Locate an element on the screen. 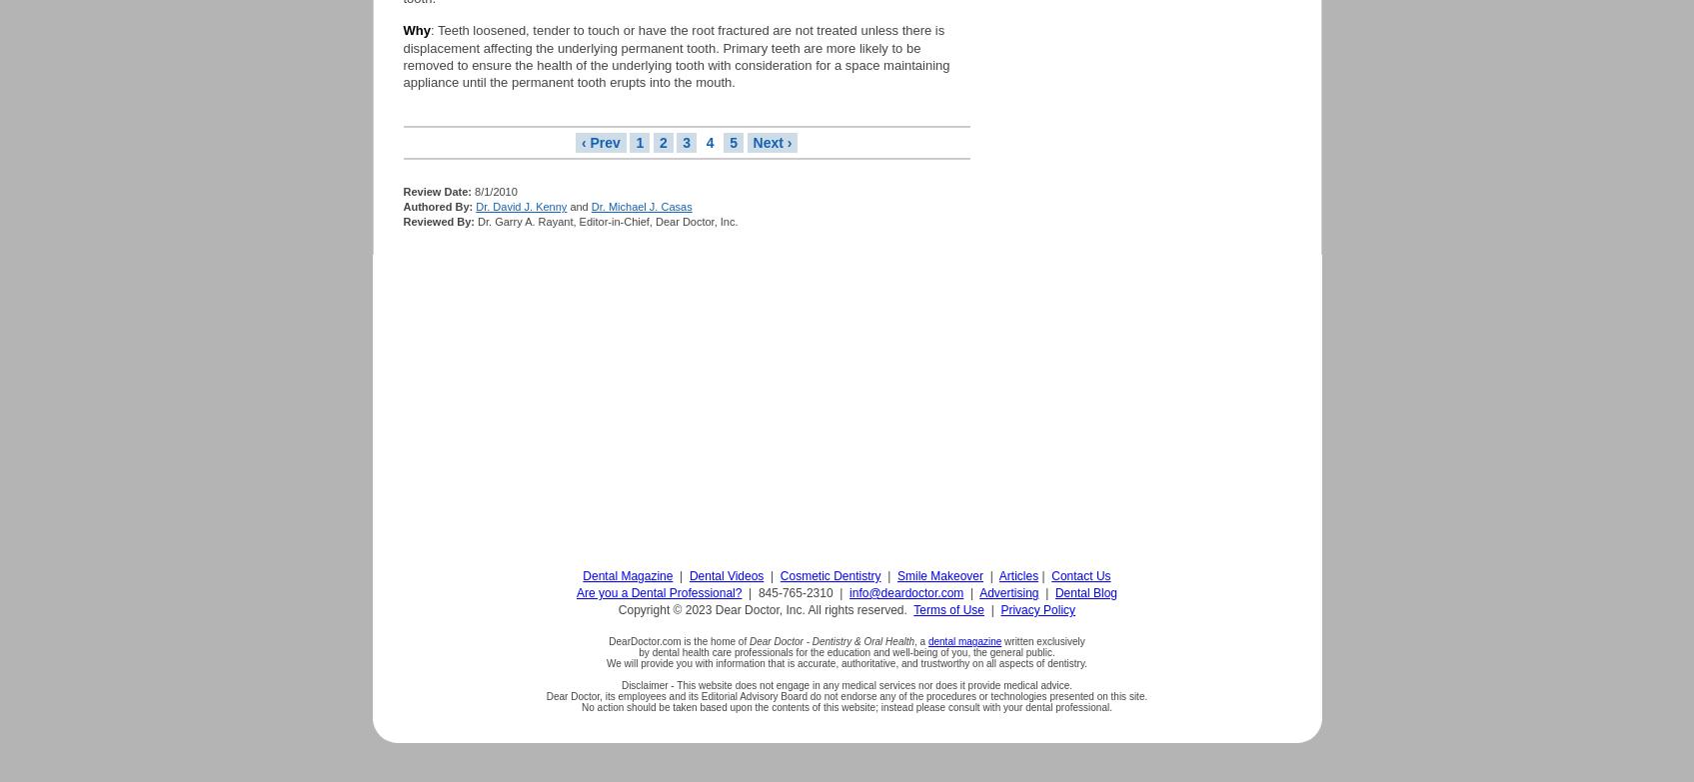 The width and height of the screenshot is (1694, 782). ': Teeth loosened, tender to touch or have the root fractured are not treated unless there is displacement affecting the underlying permanent tooth. Primary teeth are more likely to be removed to ensure the health of the underlying tooth with consideration for a space maintaining appliance until the permanent tooth erupts into the mouth.' is located at coordinates (676, 56).